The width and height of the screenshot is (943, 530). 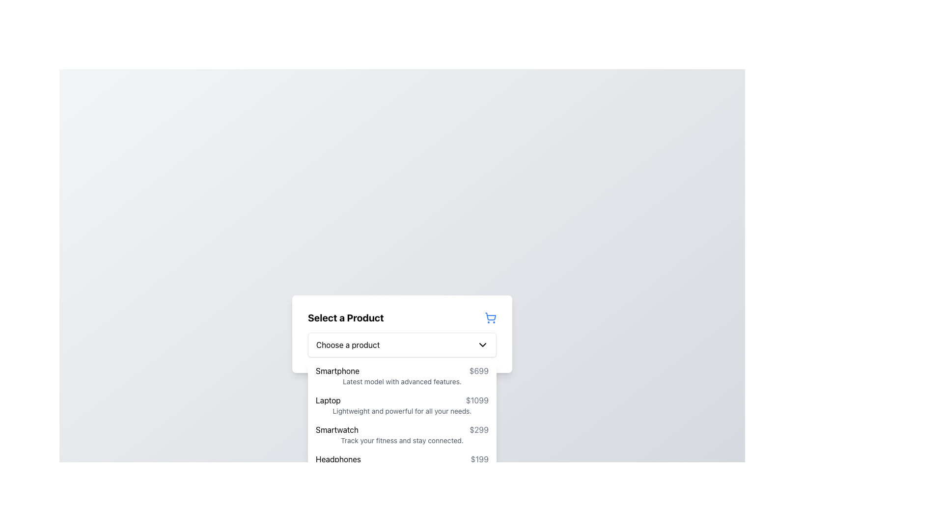 I want to click on the 'Headphones' text label in the dropdown menu, which is located below the 'Smartwatch' option and aligned to the left, so click(x=338, y=459).